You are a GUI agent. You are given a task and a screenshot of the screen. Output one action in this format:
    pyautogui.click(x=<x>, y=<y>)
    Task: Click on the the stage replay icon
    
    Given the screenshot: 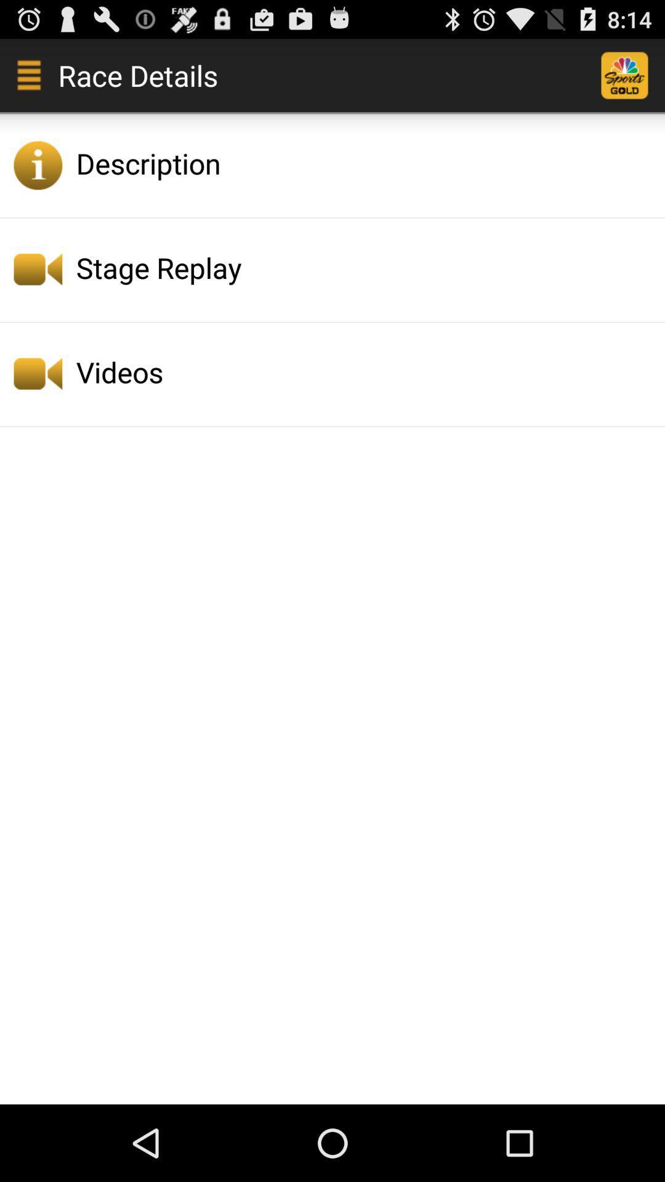 What is the action you would take?
    pyautogui.click(x=366, y=267)
    